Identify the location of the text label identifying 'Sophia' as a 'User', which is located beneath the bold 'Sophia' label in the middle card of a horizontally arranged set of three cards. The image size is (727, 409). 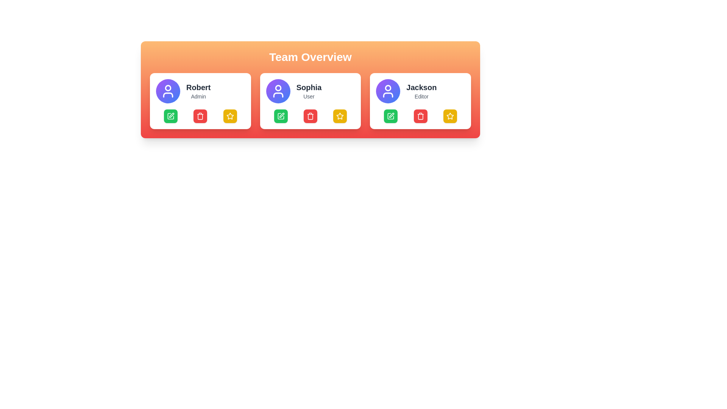
(309, 96).